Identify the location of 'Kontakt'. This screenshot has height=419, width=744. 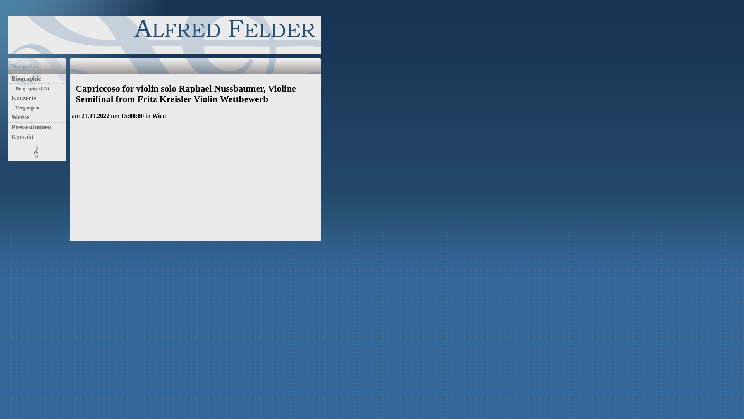
(21, 136).